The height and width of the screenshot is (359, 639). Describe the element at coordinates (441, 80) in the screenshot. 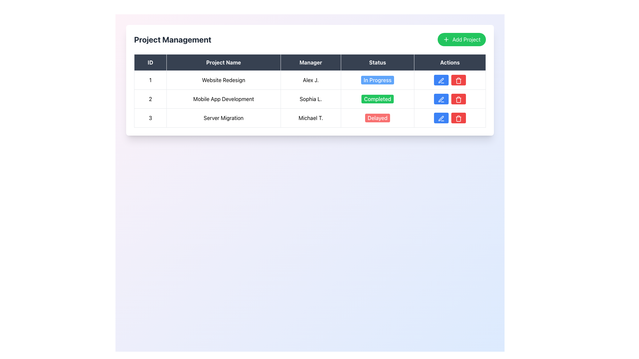

I see `the pen icon in the Actions column of the data table` at that location.